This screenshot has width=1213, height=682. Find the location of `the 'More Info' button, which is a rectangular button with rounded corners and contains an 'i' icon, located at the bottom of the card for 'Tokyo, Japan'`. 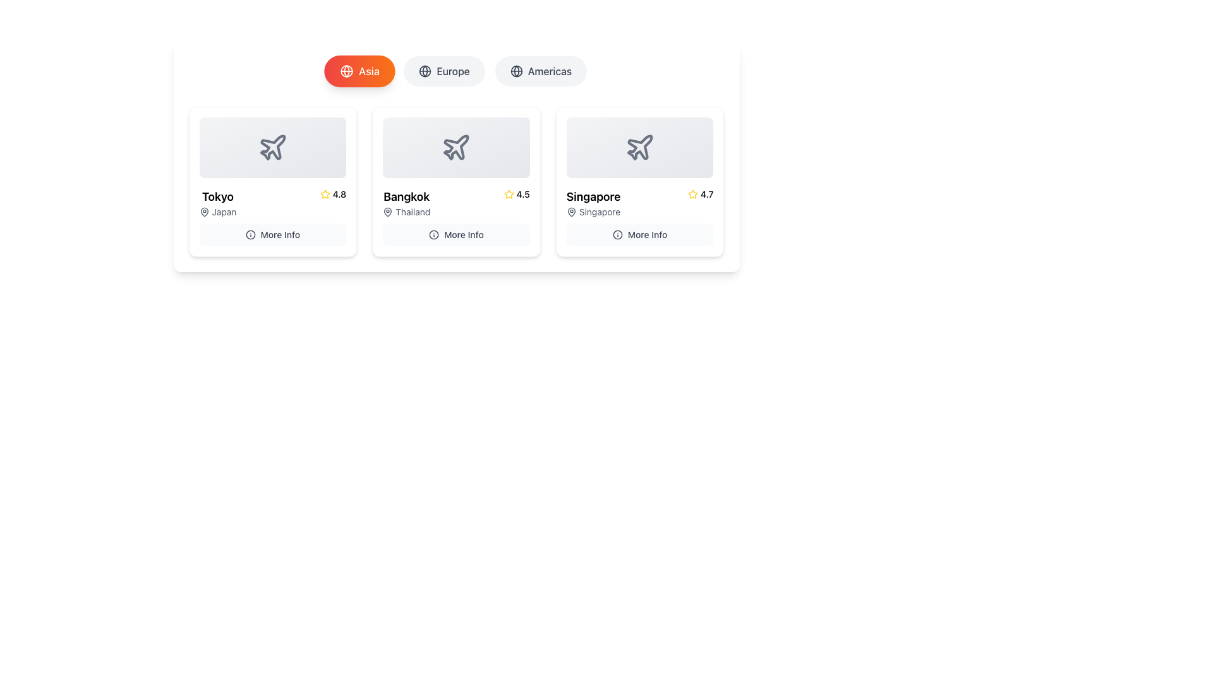

the 'More Info' button, which is a rectangular button with rounded corners and contains an 'i' icon, located at the bottom of the card for 'Tokyo, Japan' is located at coordinates (272, 234).